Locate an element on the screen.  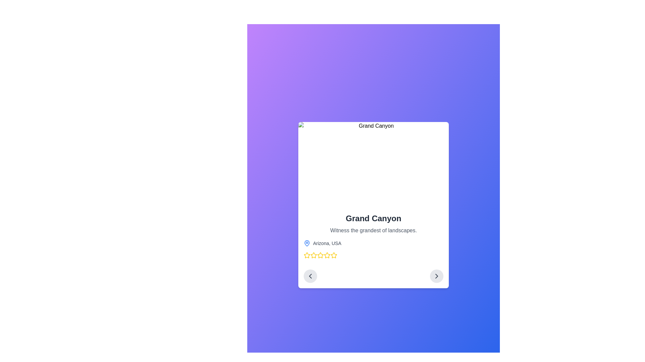
the first star-shaped icon with bold yellow outlines is located at coordinates (313, 255).